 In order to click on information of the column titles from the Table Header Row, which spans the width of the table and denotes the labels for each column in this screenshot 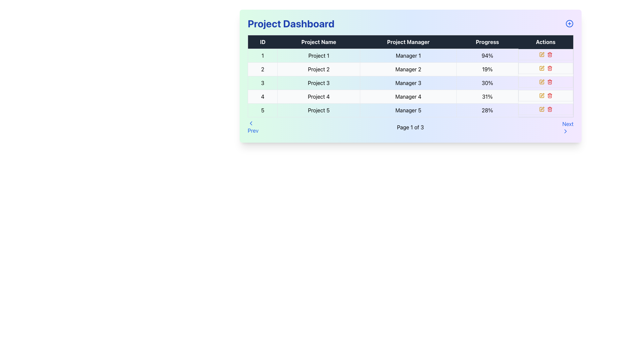, I will do `click(410, 42)`.